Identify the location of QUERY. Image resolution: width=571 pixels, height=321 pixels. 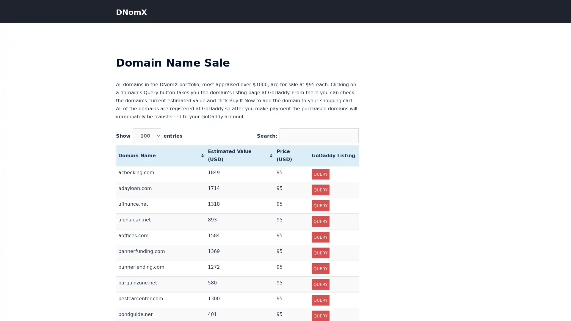
(320, 268).